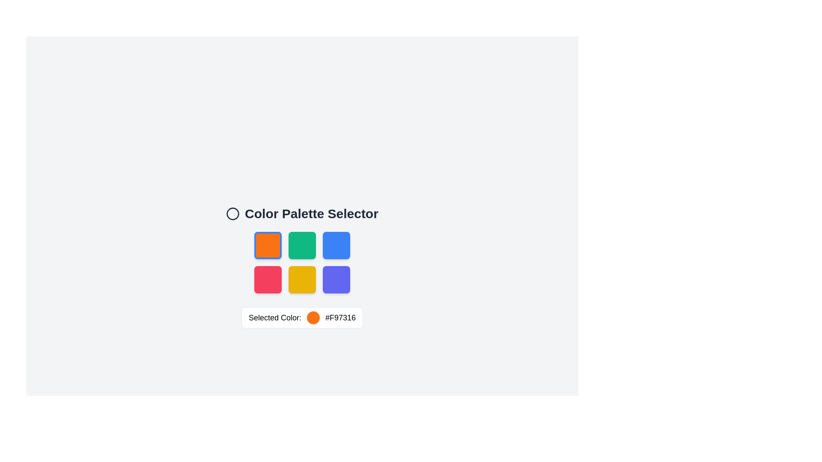  I want to click on the hashtag-styled text label displaying '#F97316', which is part of the color selection UI and is positioned to the right of the 'Selected Color:' text, so click(340, 318).